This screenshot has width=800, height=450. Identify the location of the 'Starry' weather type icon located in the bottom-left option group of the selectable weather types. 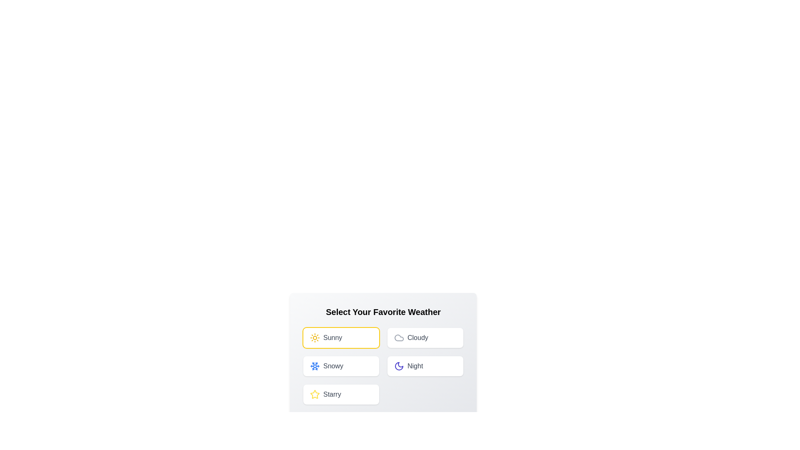
(314, 394).